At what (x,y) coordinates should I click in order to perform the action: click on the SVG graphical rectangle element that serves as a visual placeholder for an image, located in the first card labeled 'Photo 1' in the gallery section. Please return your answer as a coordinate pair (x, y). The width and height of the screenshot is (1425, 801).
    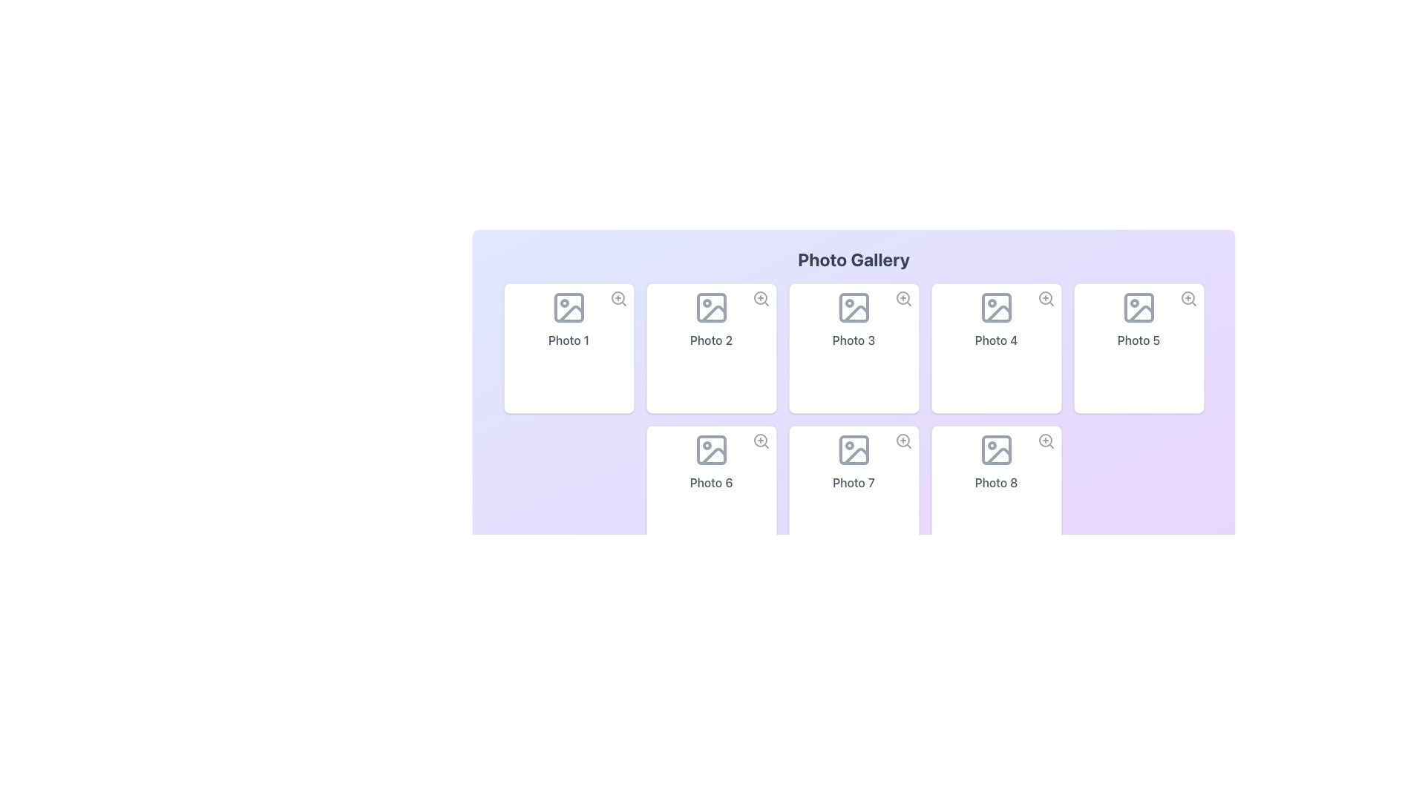
    Looking at the image, I should click on (568, 307).